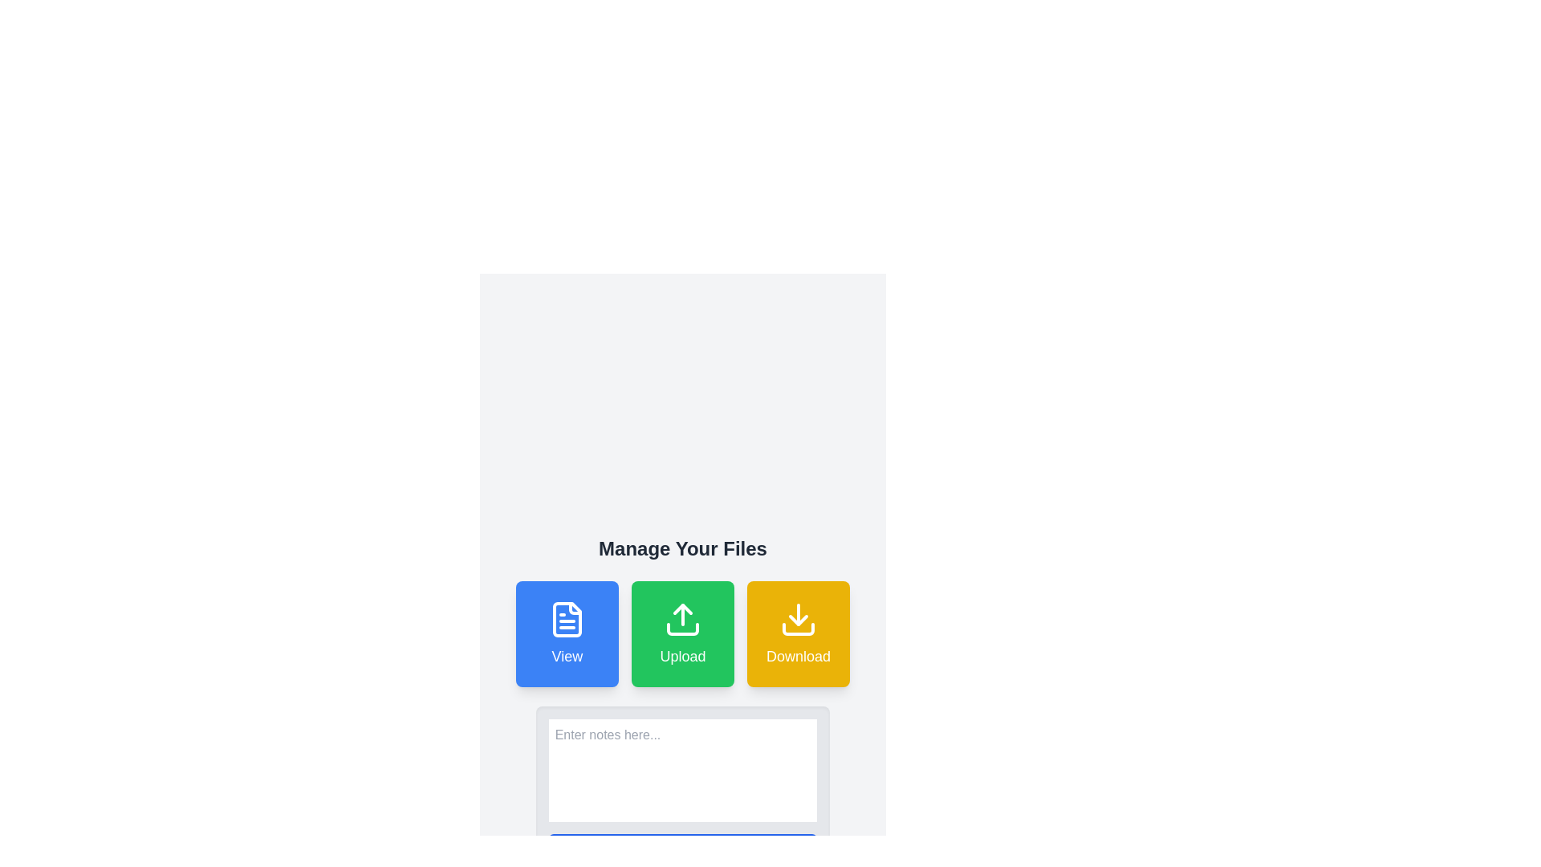 The image size is (1541, 867). I want to click on the button labeled 'View' that contains the text label indicating its function, so click(566, 656).